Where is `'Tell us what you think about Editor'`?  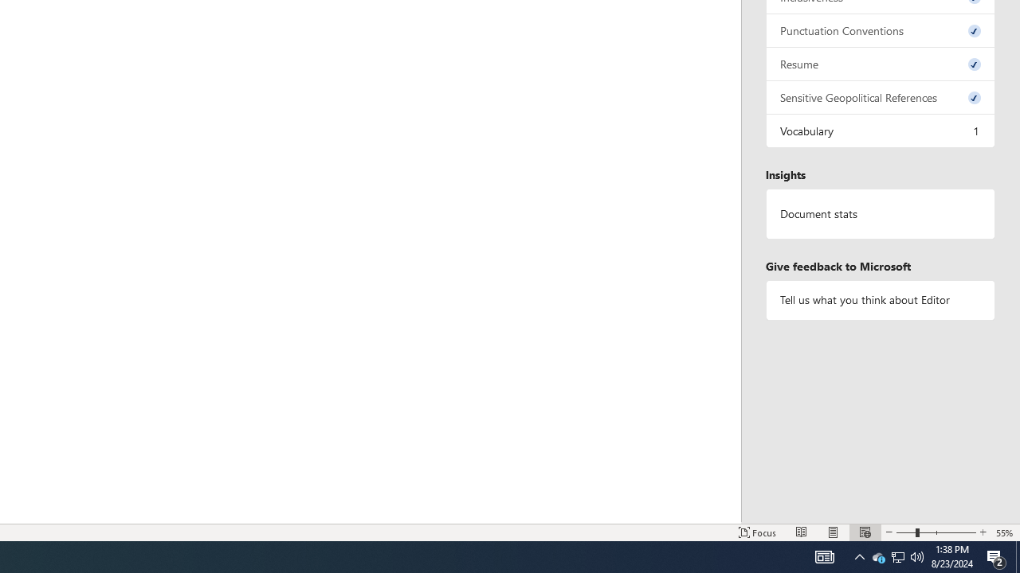 'Tell us what you think about Editor' is located at coordinates (880, 300).